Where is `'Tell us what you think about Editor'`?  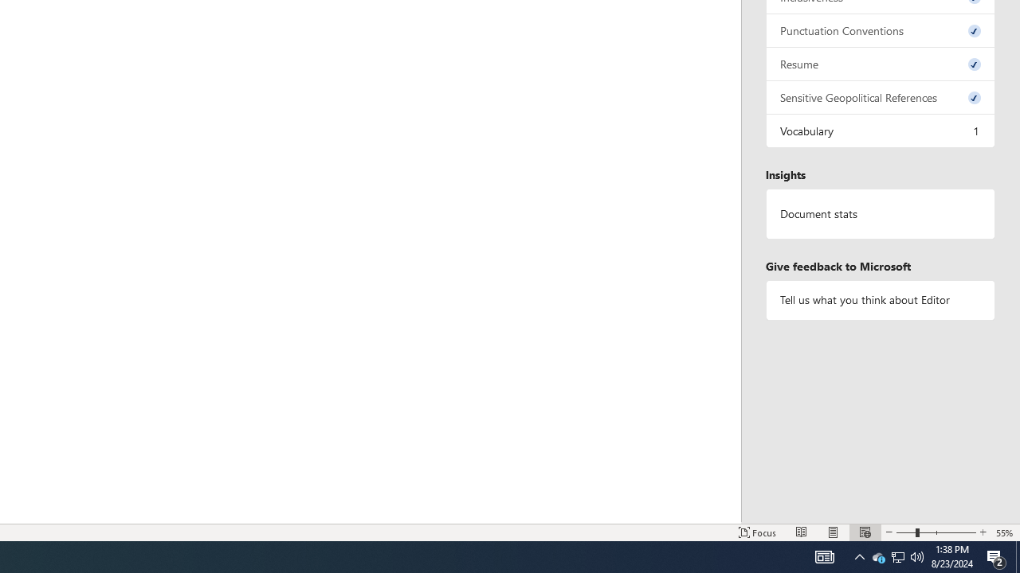 'Tell us what you think about Editor' is located at coordinates (880, 300).